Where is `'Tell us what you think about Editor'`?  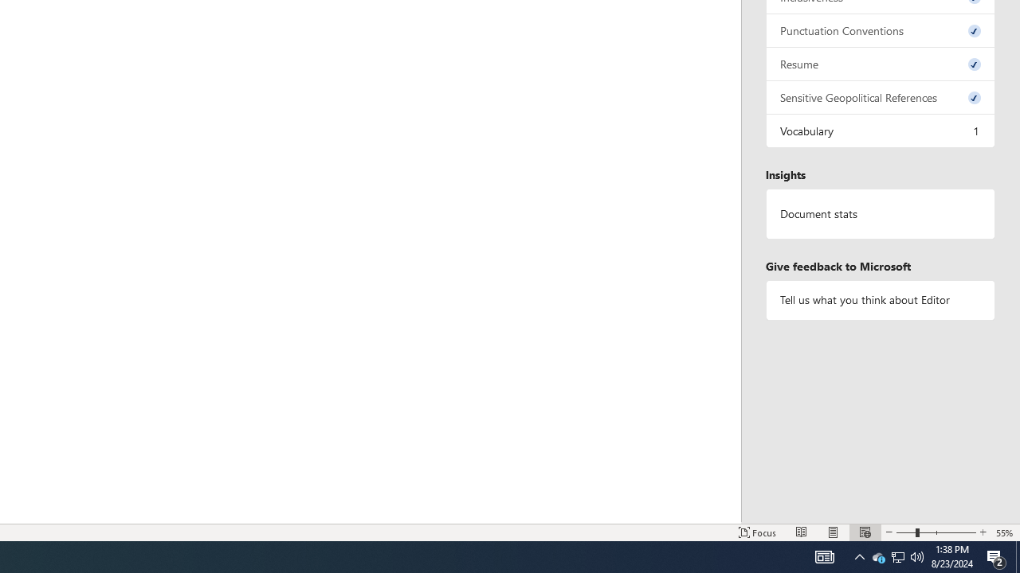 'Tell us what you think about Editor' is located at coordinates (880, 300).